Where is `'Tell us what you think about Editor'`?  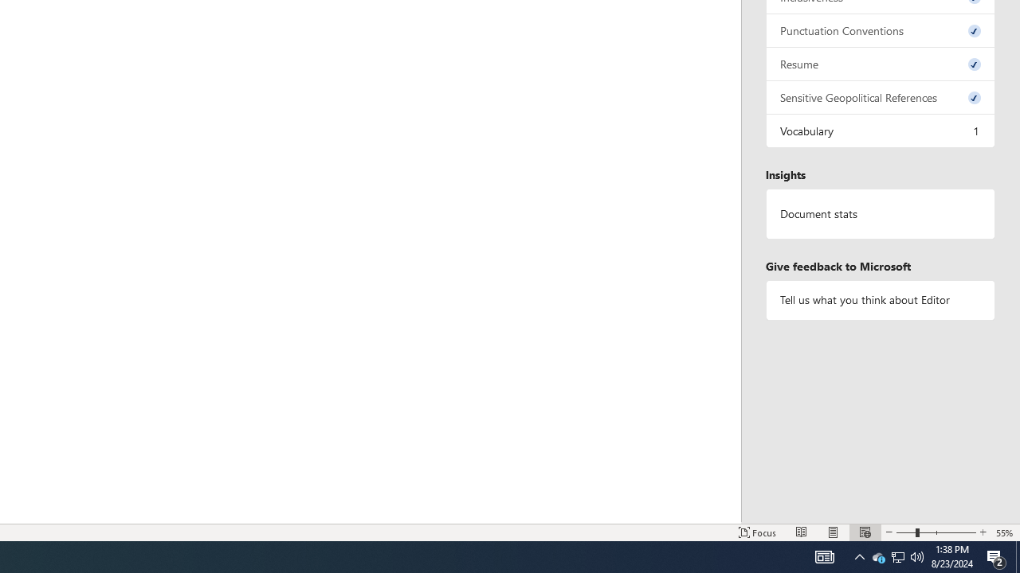 'Tell us what you think about Editor' is located at coordinates (880, 300).